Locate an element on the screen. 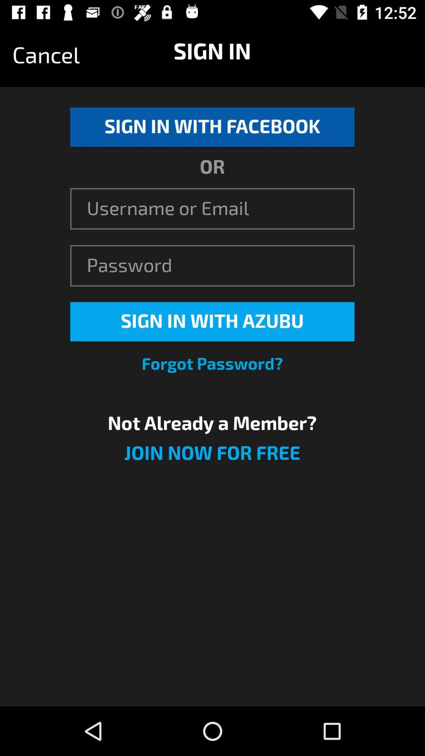  the item below sign in with is located at coordinates (212, 364).